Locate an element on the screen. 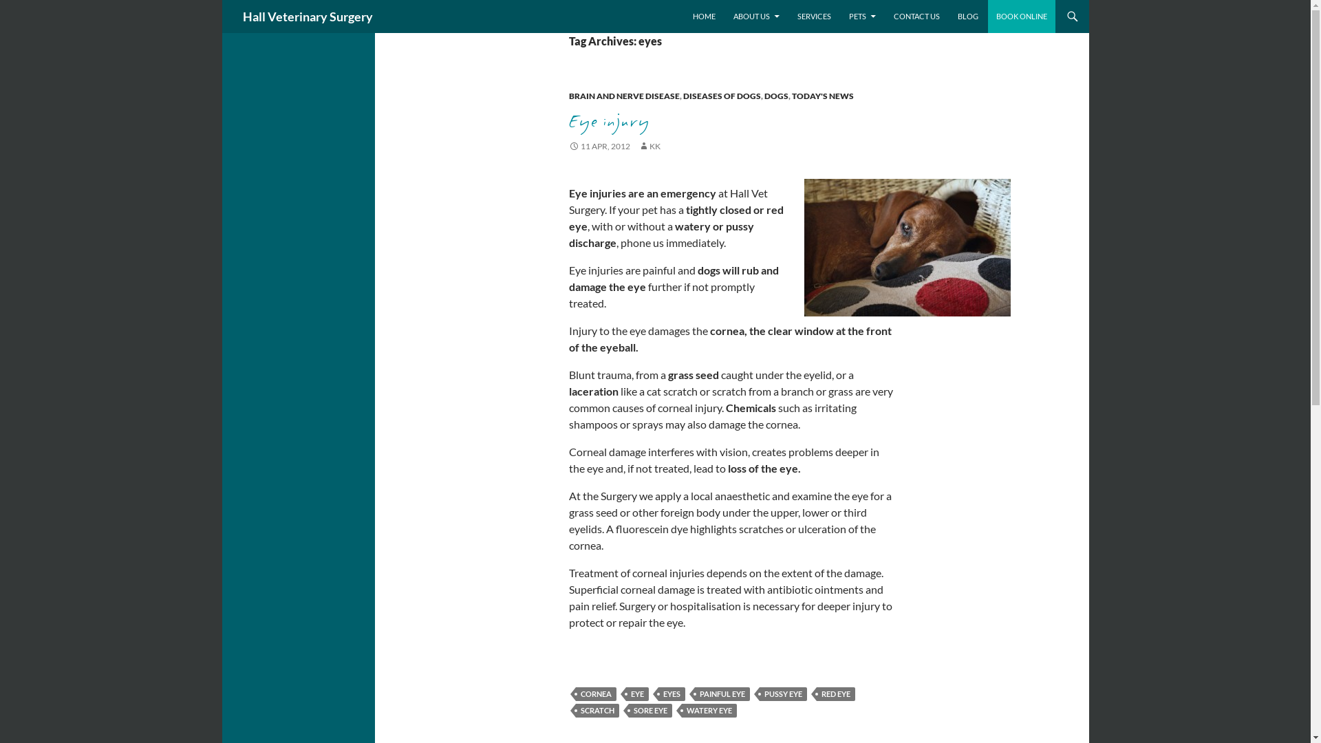  'CONTACT US' is located at coordinates (916, 16).